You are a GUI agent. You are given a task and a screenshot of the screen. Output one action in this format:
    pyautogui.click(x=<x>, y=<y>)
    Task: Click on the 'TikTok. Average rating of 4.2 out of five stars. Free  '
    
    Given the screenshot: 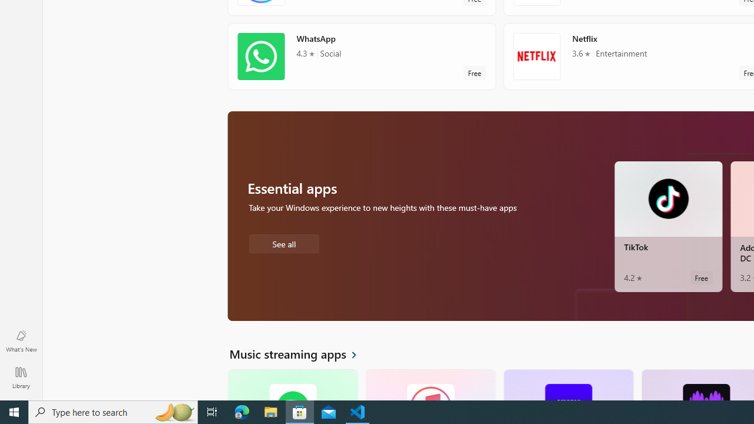 What is the action you would take?
    pyautogui.click(x=668, y=226)
    